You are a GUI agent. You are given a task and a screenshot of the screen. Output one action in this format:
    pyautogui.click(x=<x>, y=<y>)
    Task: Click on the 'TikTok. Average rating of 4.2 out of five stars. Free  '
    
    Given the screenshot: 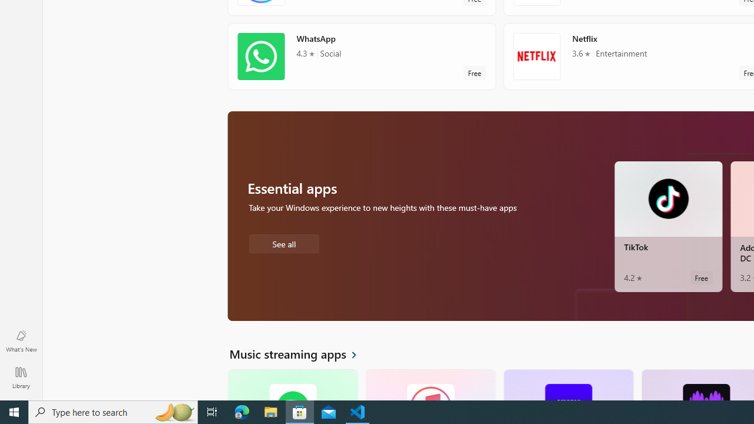 What is the action you would take?
    pyautogui.click(x=668, y=226)
    